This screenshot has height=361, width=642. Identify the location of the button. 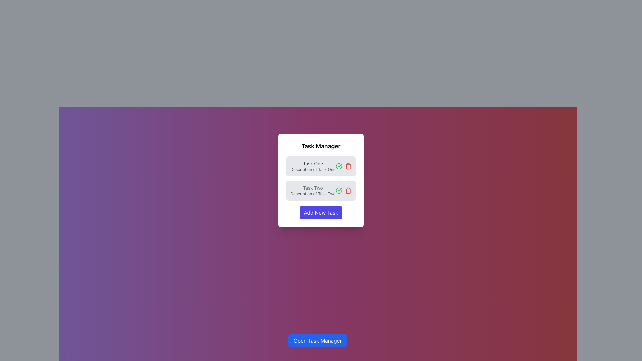
(321, 213).